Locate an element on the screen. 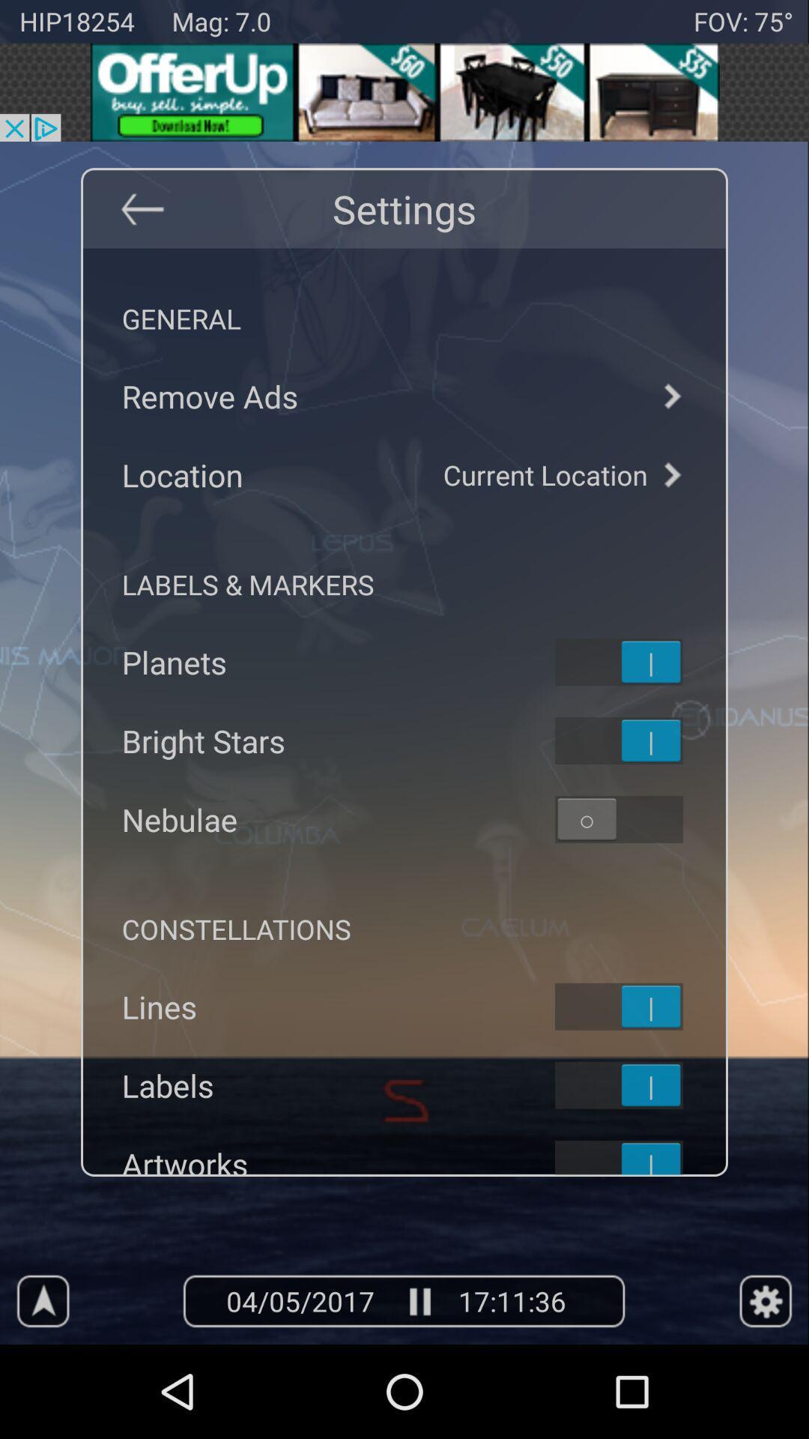 This screenshot has height=1439, width=809. move is located at coordinates (638, 1007).